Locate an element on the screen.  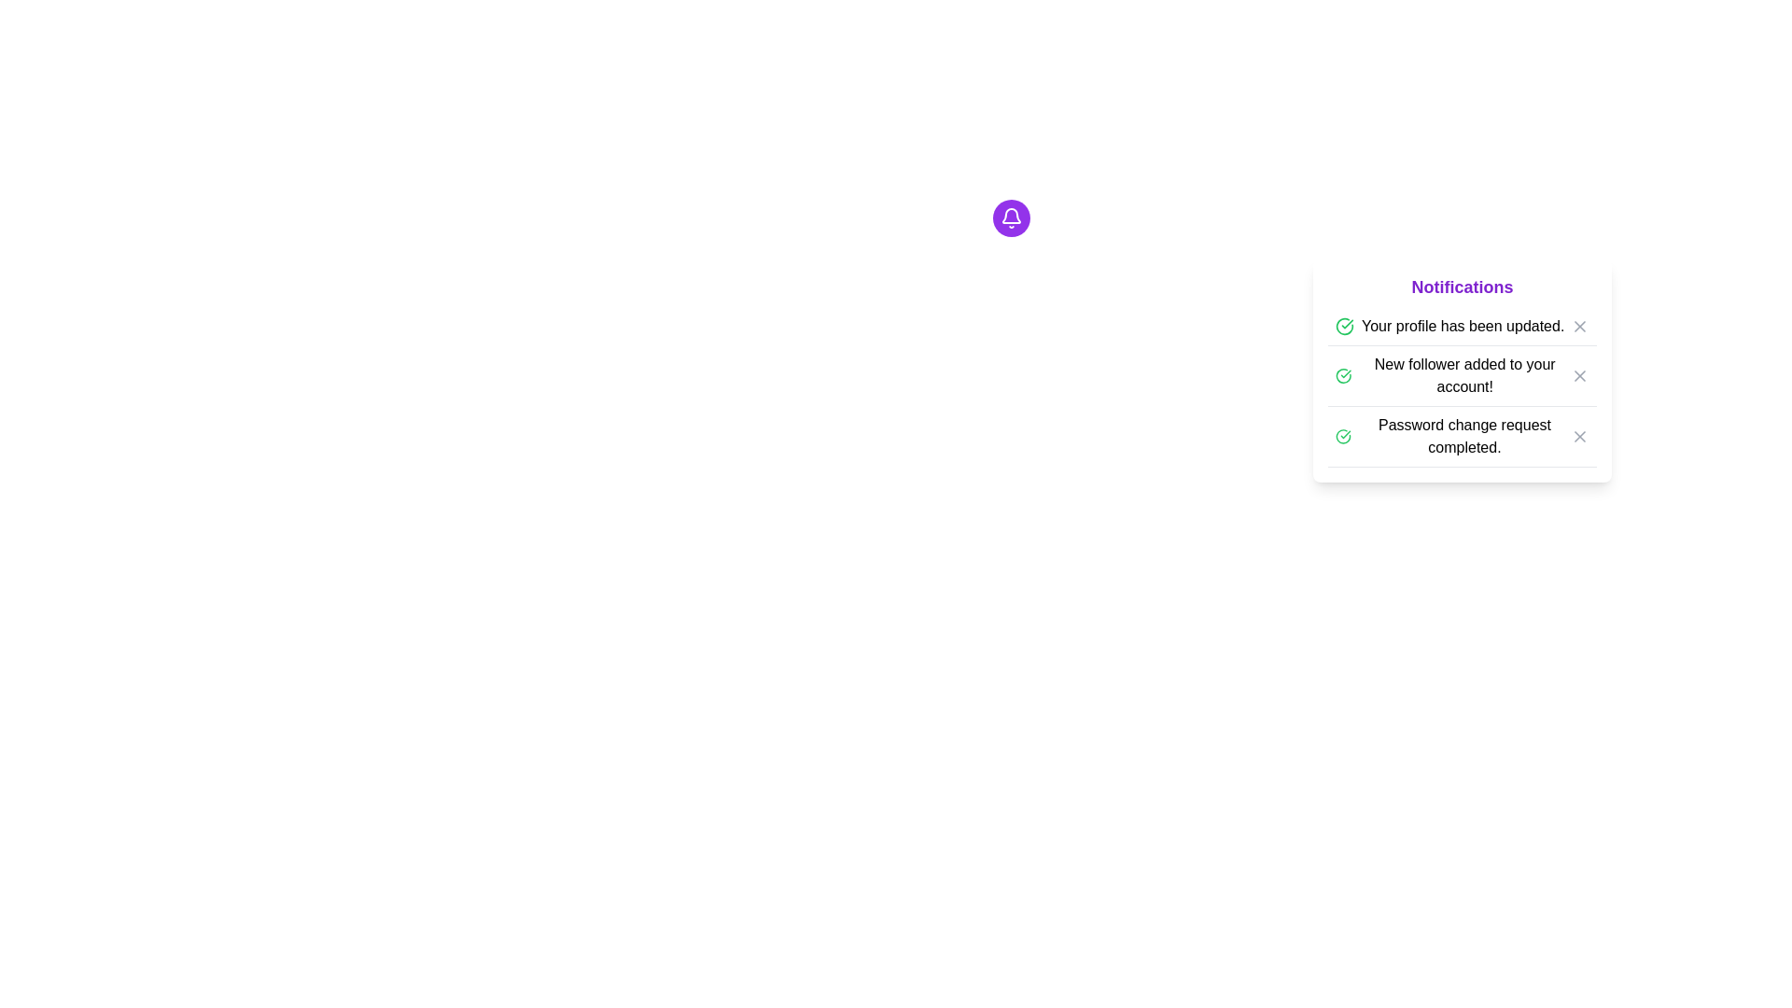
the second notification entry in the Notifications section to potentially reveal more information is located at coordinates (1461, 371).